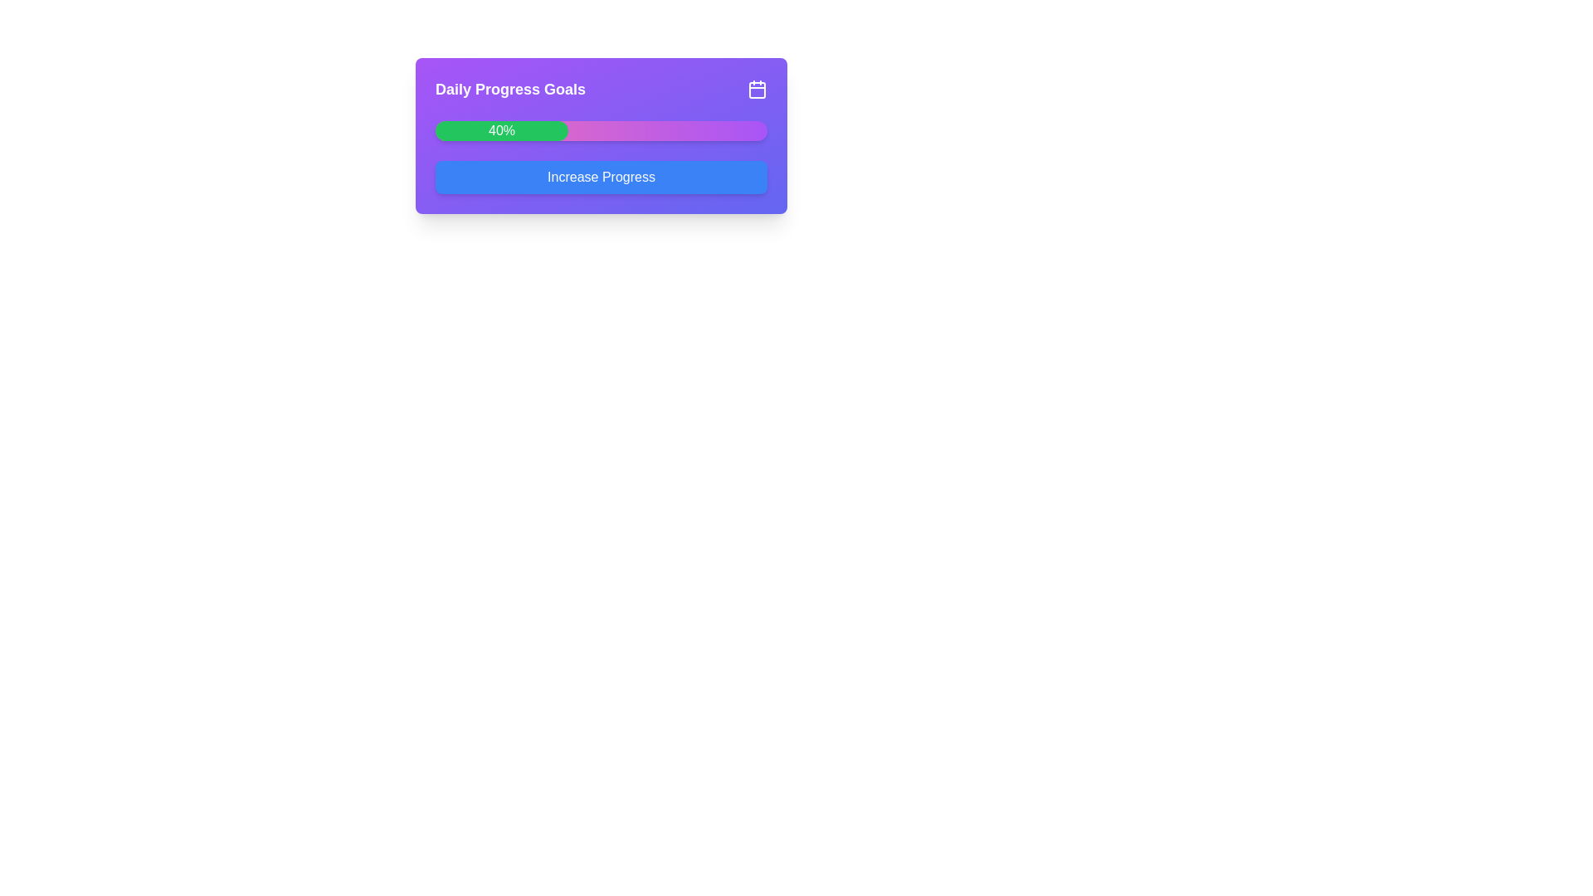 The width and height of the screenshot is (1593, 896). What do you see at coordinates (600, 130) in the screenshot?
I see `progress percentage displayed on the Progress Bar located in the 'Daily Progress Goals' card section, which shows a value of 40%` at bounding box center [600, 130].